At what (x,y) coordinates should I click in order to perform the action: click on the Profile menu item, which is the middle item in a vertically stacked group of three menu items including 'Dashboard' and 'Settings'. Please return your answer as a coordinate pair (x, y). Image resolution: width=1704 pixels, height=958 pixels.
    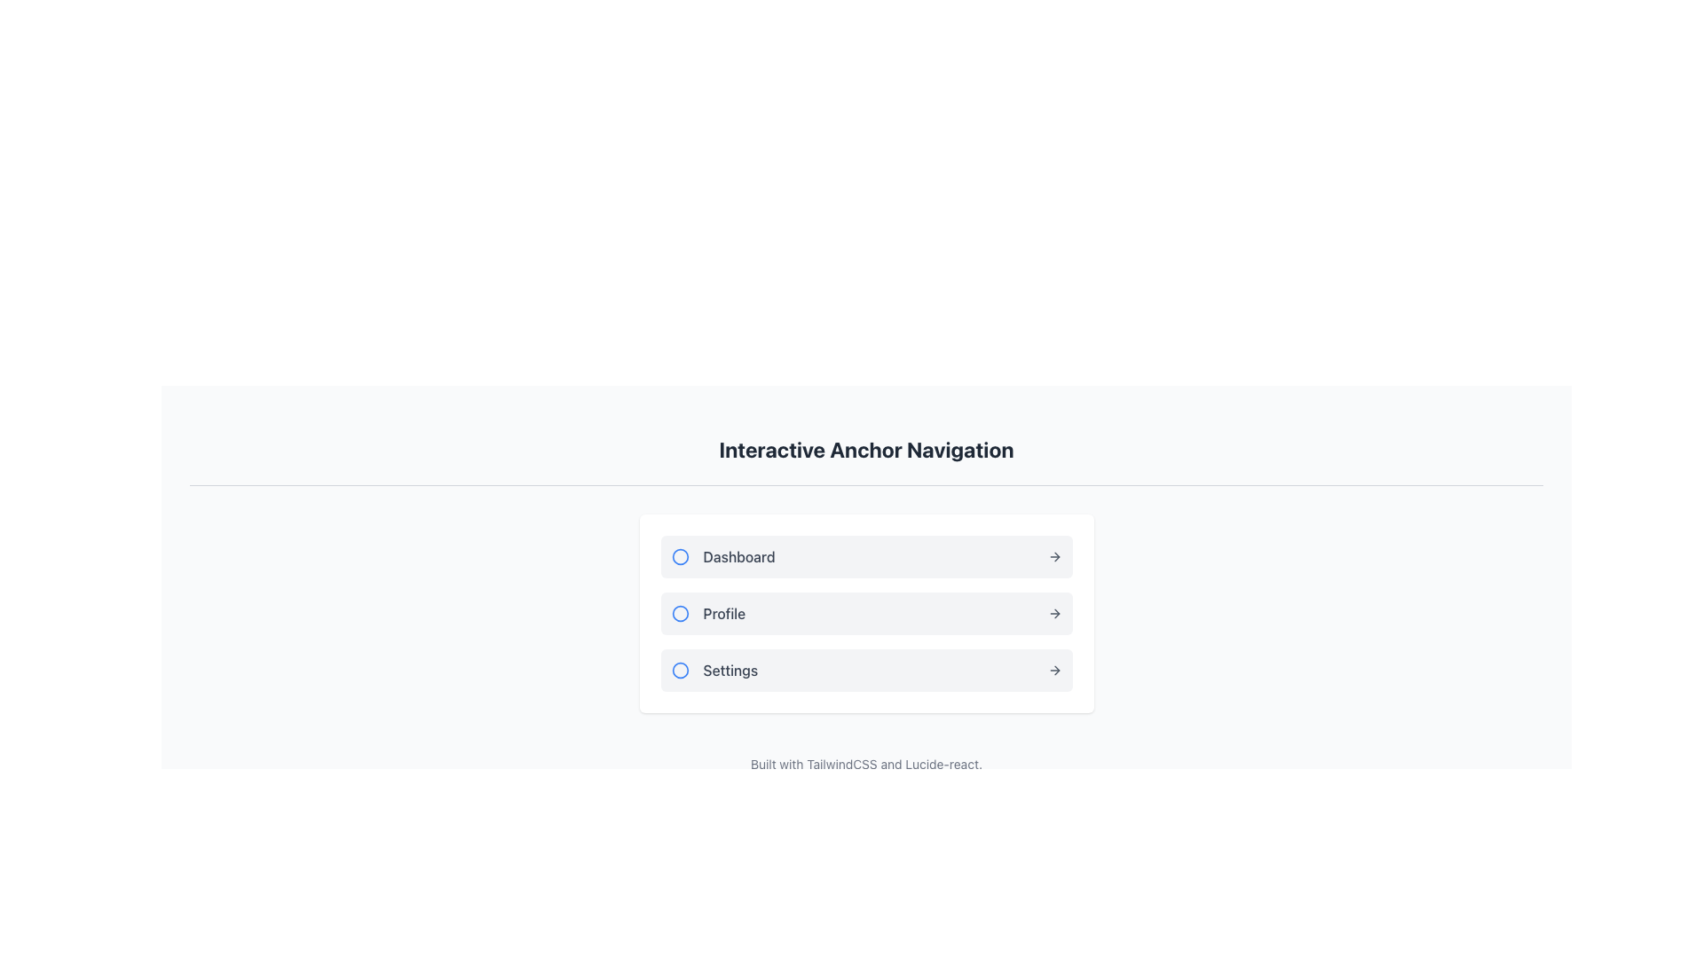
    Looking at the image, I should click on (866, 612).